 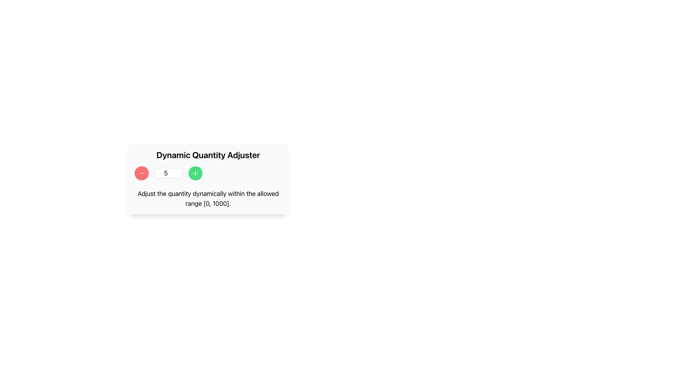 What do you see at coordinates (141, 173) in the screenshot?
I see `the red circular button with a minus icon to decrement the value in the Dynamic Quantity Adjuster interface` at bounding box center [141, 173].